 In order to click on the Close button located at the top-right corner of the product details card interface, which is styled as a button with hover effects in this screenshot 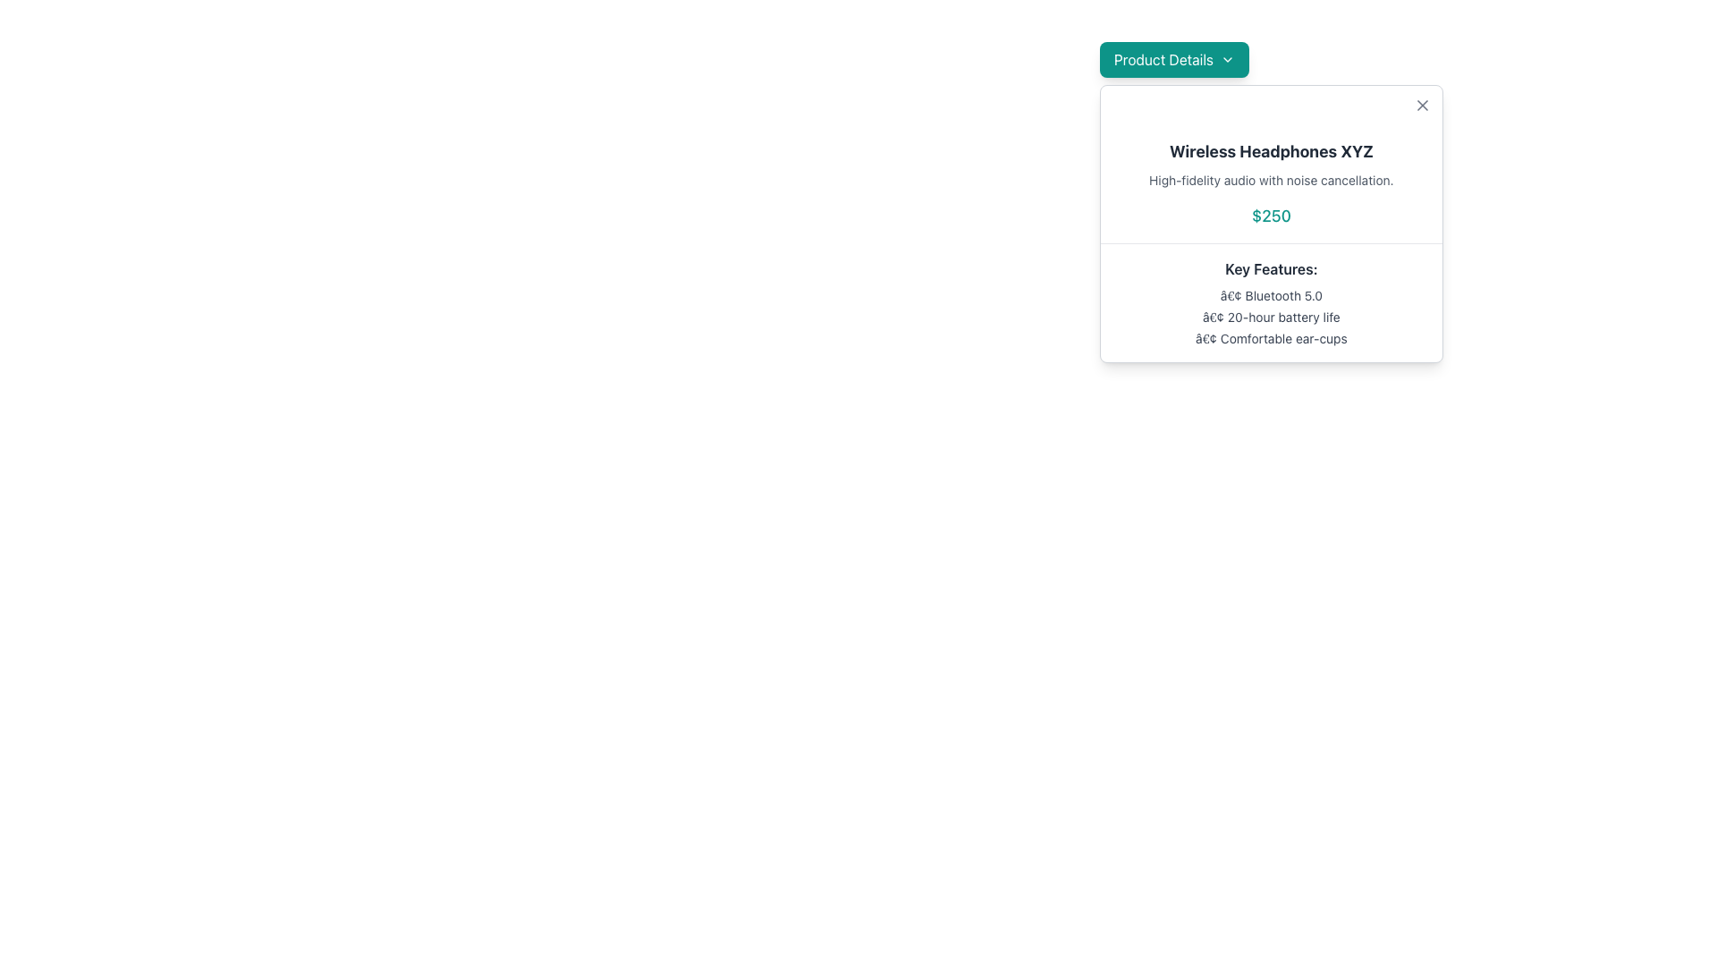, I will do `click(1421, 106)`.